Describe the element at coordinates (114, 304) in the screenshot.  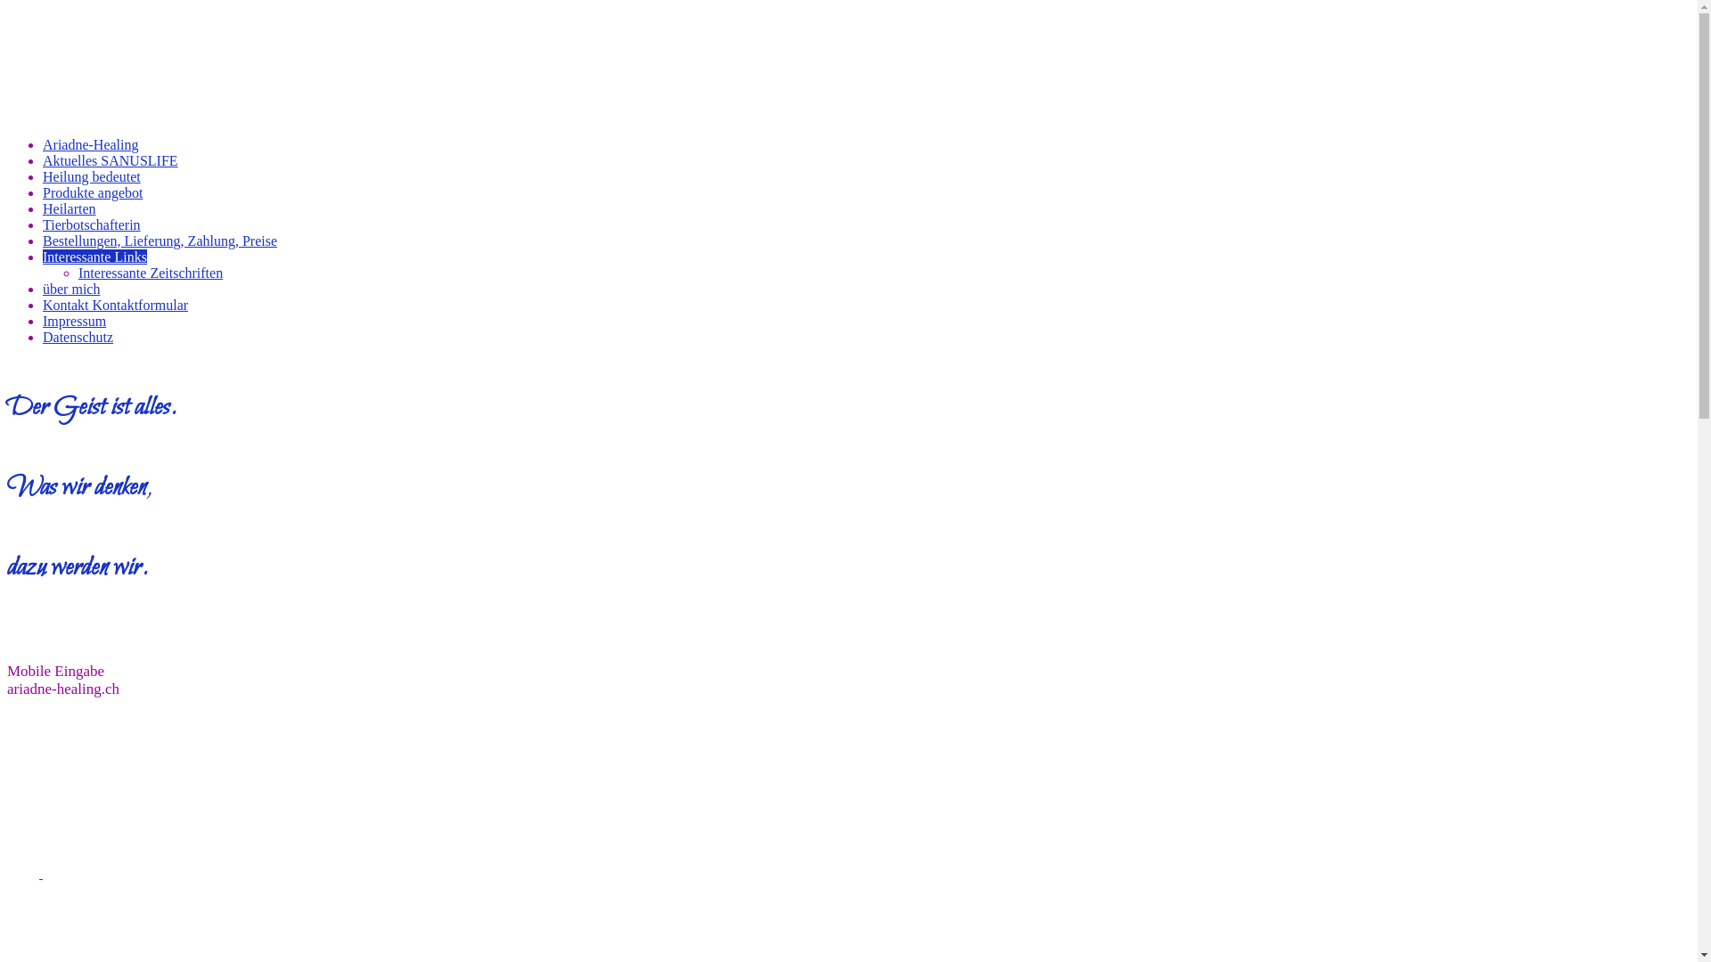
I see `'Kontakt Kontaktformular'` at that location.